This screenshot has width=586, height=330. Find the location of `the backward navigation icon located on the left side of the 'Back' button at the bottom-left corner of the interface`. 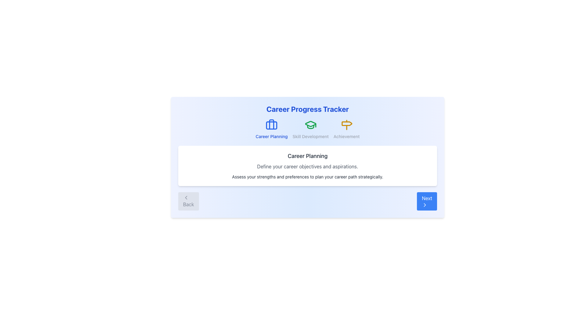

the backward navigation icon located on the left side of the 'Back' button at the bottom-left corner of the interface is located at coordinates (186, 198).